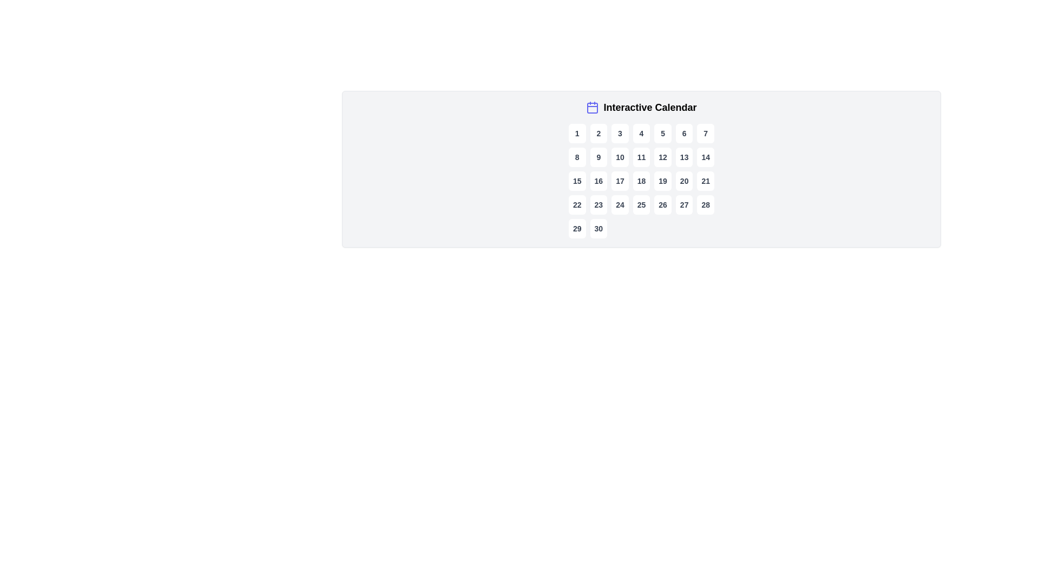 The width and height of the screenshot is (1039, 584). I want to click on the date button representing the twenty-third position, so click(598, 204).